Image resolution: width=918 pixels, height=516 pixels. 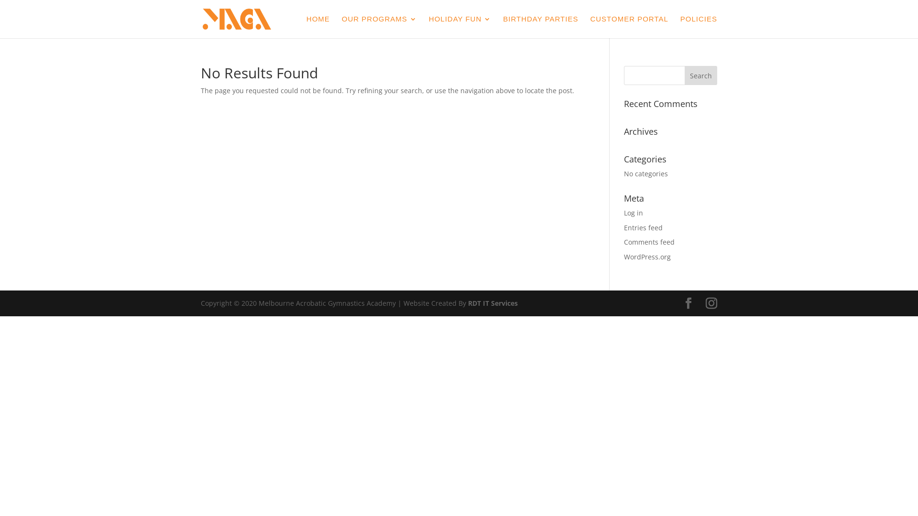 I want to click on 'Log in', so click(x=633, y=212).